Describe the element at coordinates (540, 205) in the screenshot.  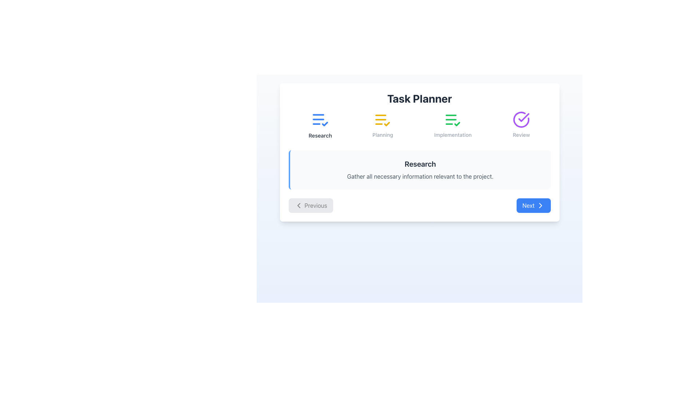
I see `the SVG icon representing a navigation arrow located in the lower-right corner adjacent to the 'Next' button, which symbolizes progression or navigation to the next step` at that location.